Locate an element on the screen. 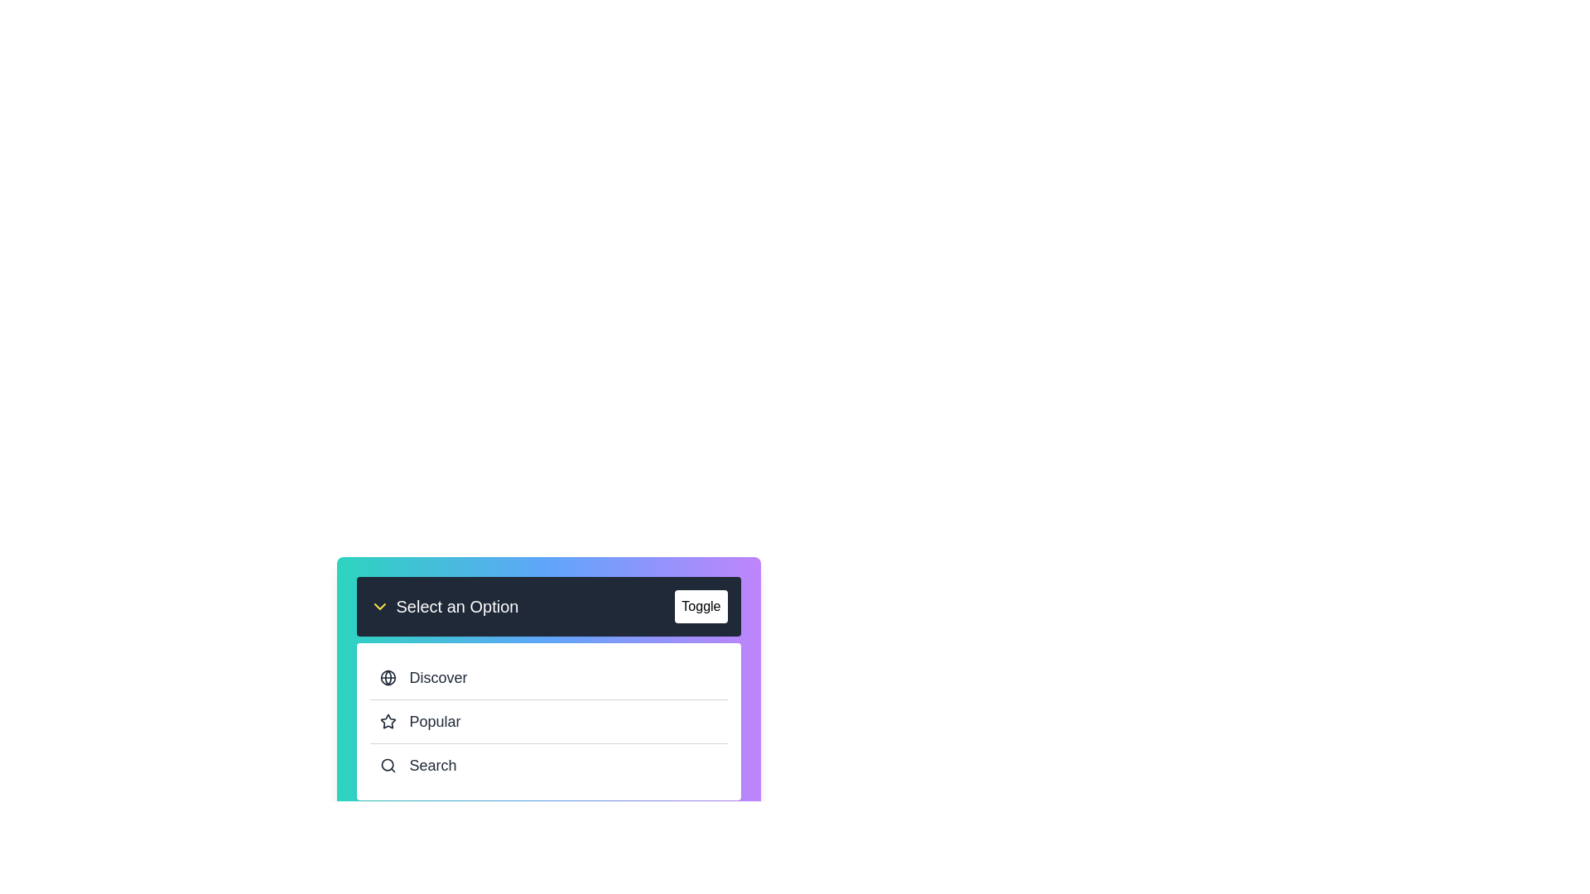 This screenshot has height=894, width=1590. the Popular from the dropdown menu is located at coordinates (548, 720).